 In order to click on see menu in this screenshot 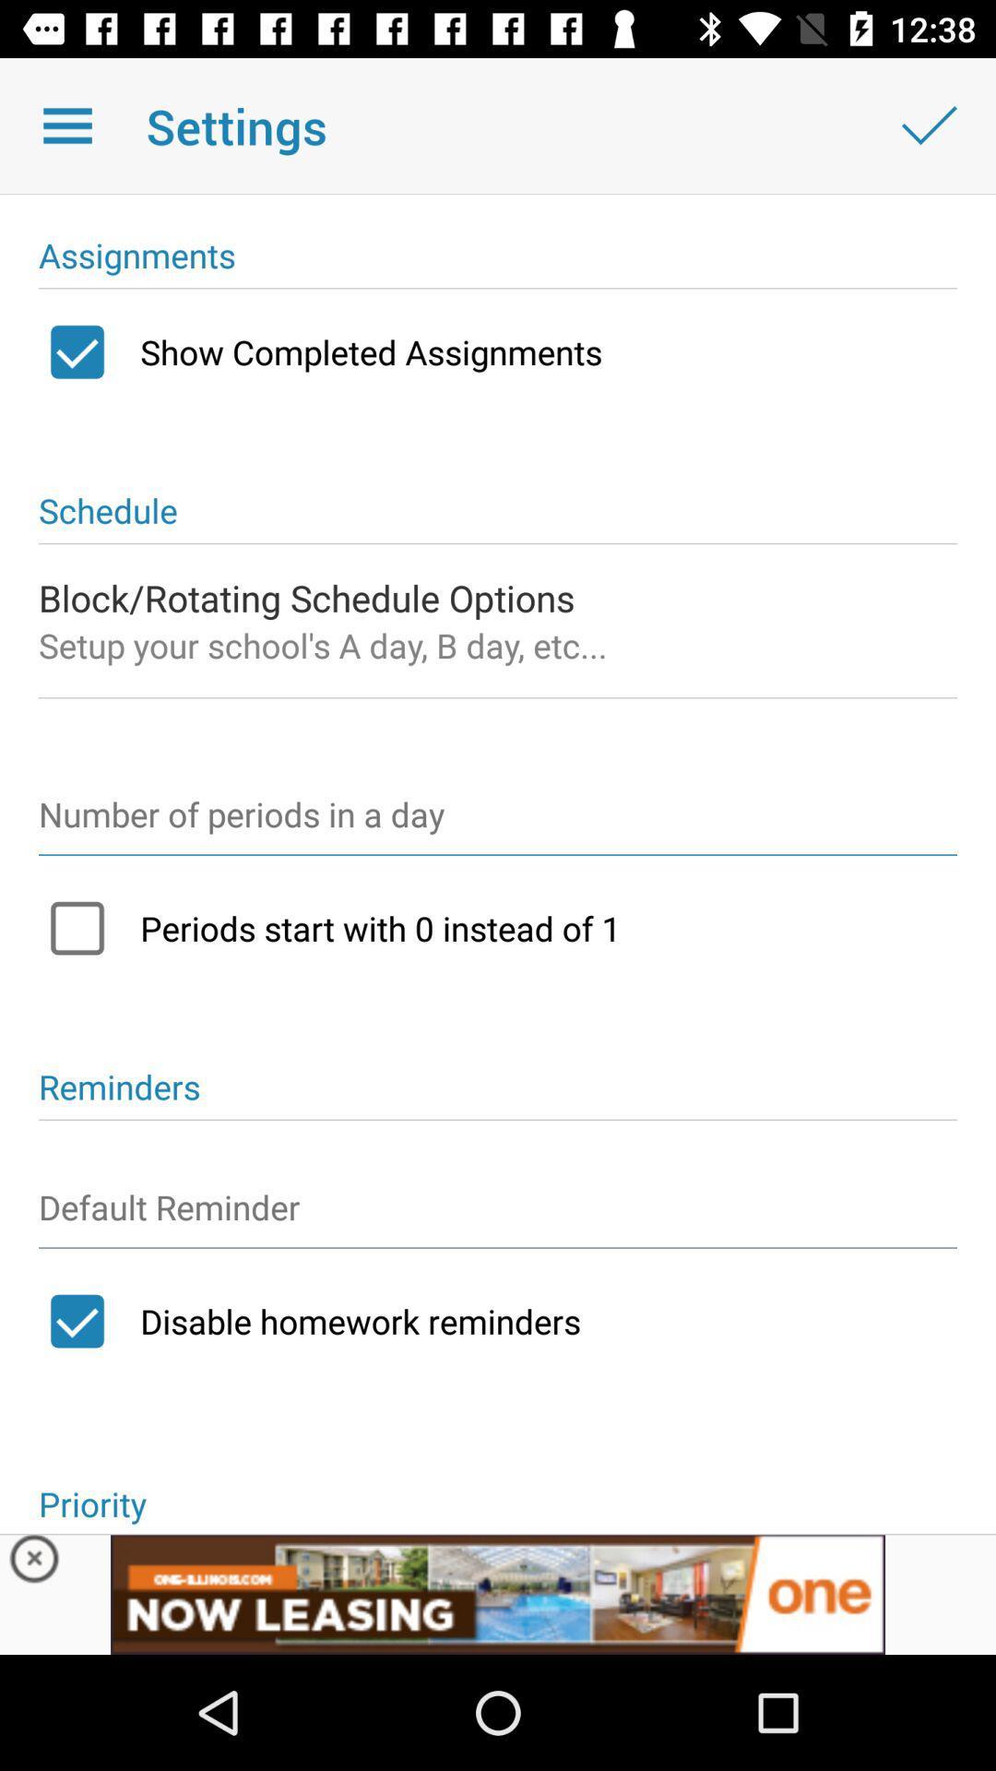, I will do `click(66, 125)`.